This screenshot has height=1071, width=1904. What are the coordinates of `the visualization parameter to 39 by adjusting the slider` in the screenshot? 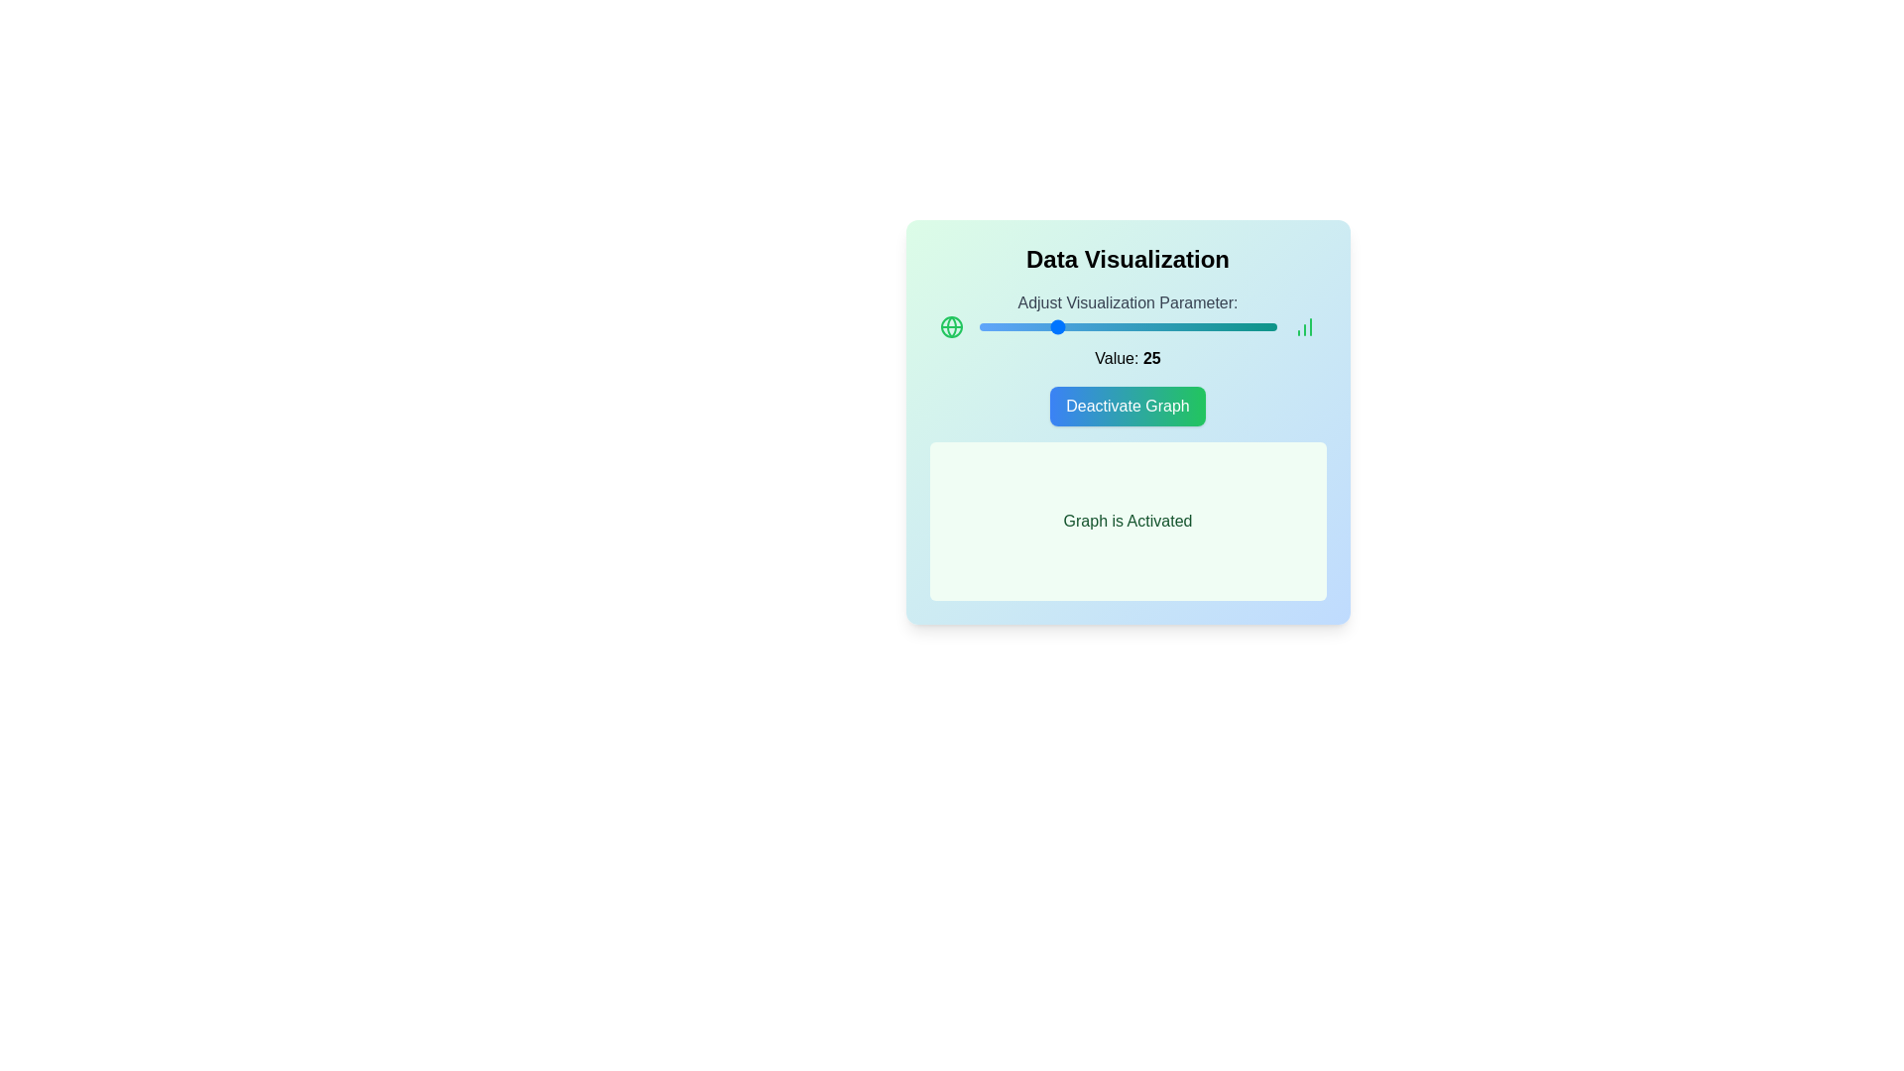 It's located at (1094, 326).